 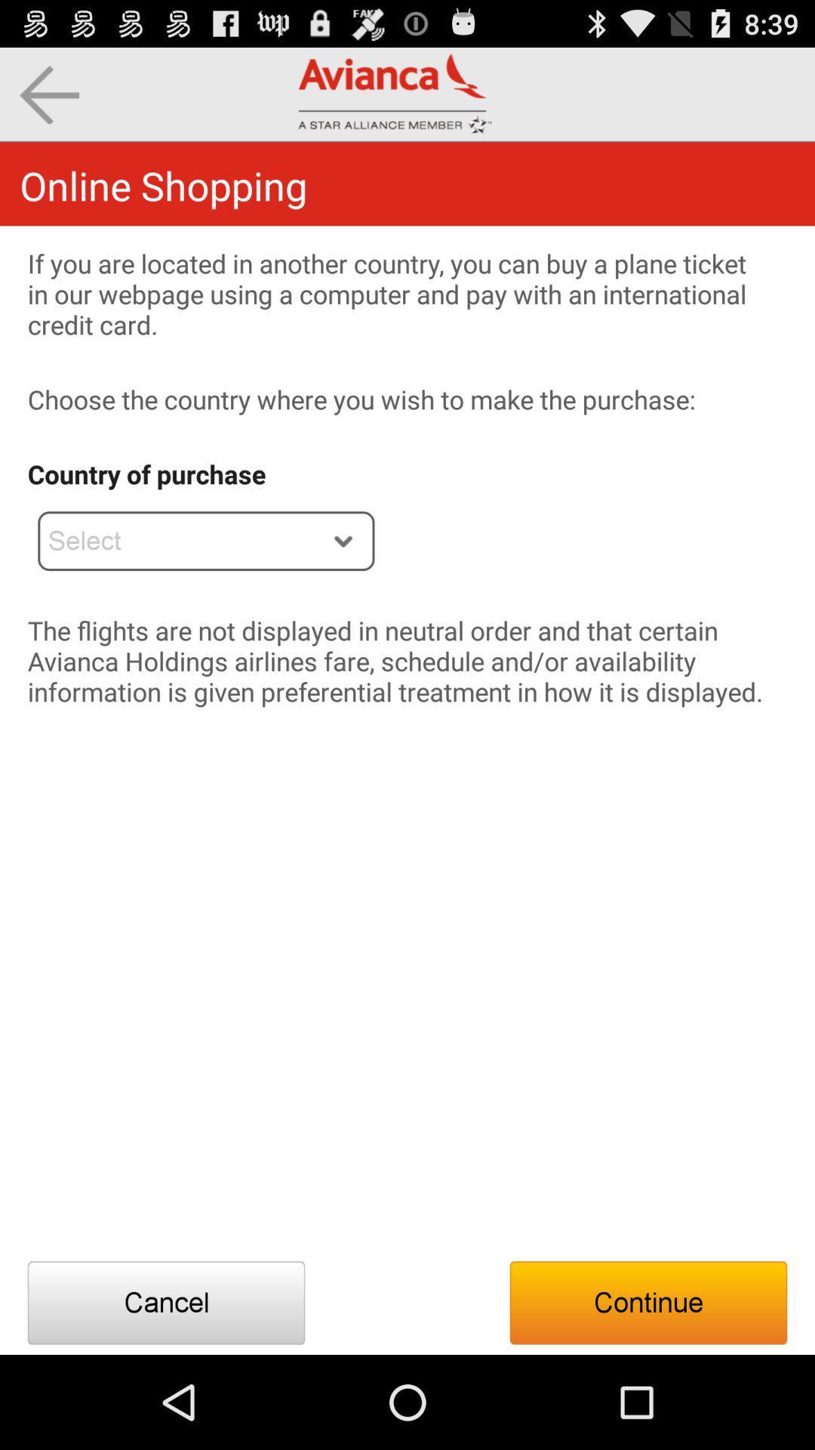 I want to click on the icon below the flights are, so click(x=647, y=1302).